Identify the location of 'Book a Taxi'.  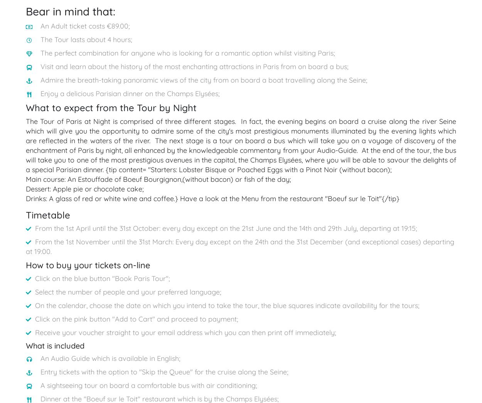
(154, 163).